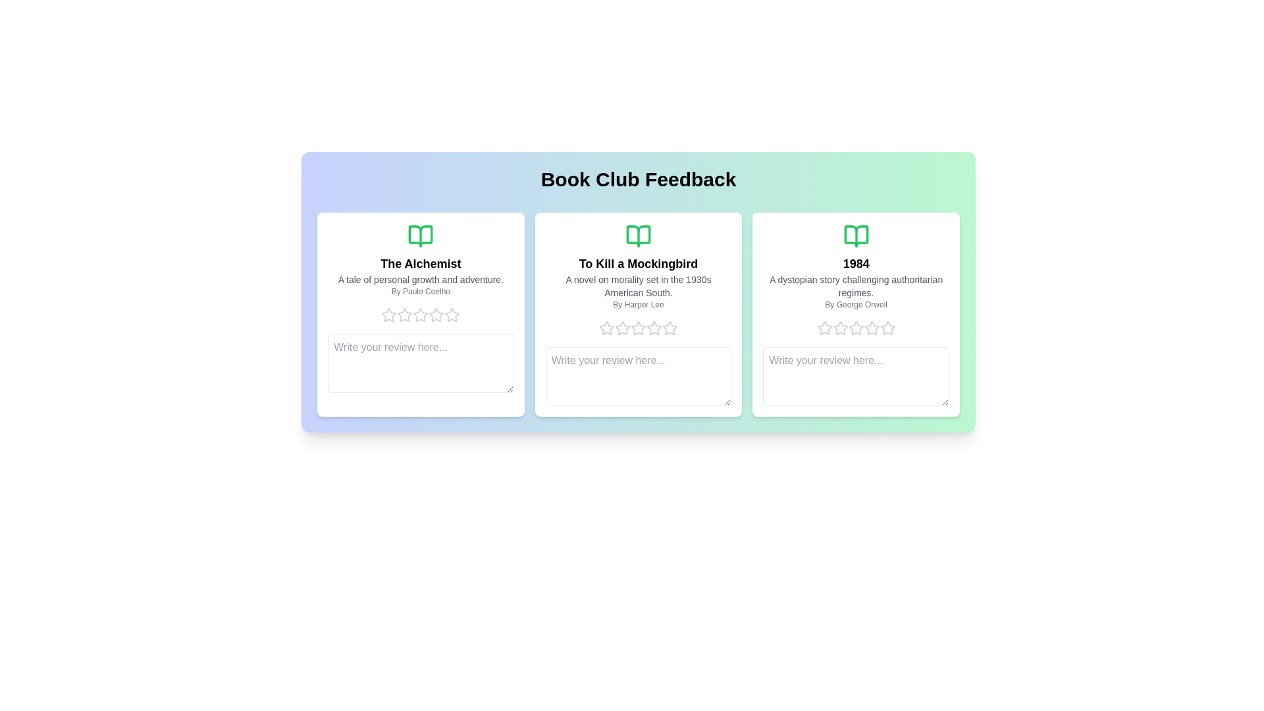  I want to click on the leftmost star in the rating system for the '1984' review card, so click(824, 327).